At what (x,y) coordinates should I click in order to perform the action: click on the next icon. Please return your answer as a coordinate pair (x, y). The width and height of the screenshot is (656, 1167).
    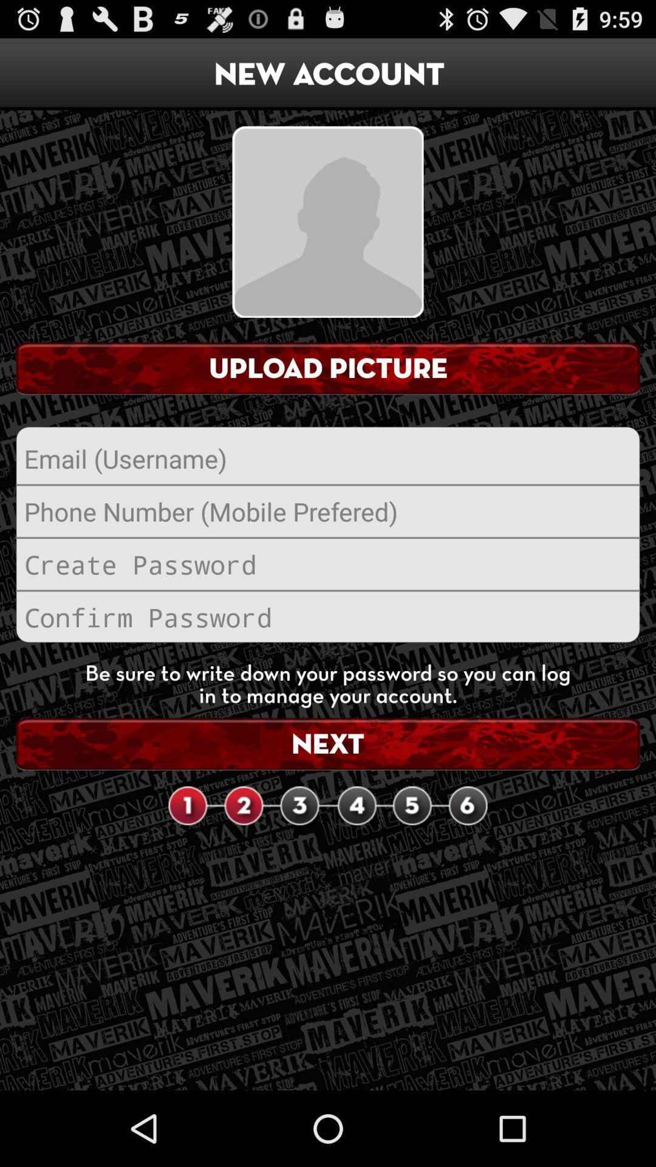
    Looking at the image, I should click on (328, 743).